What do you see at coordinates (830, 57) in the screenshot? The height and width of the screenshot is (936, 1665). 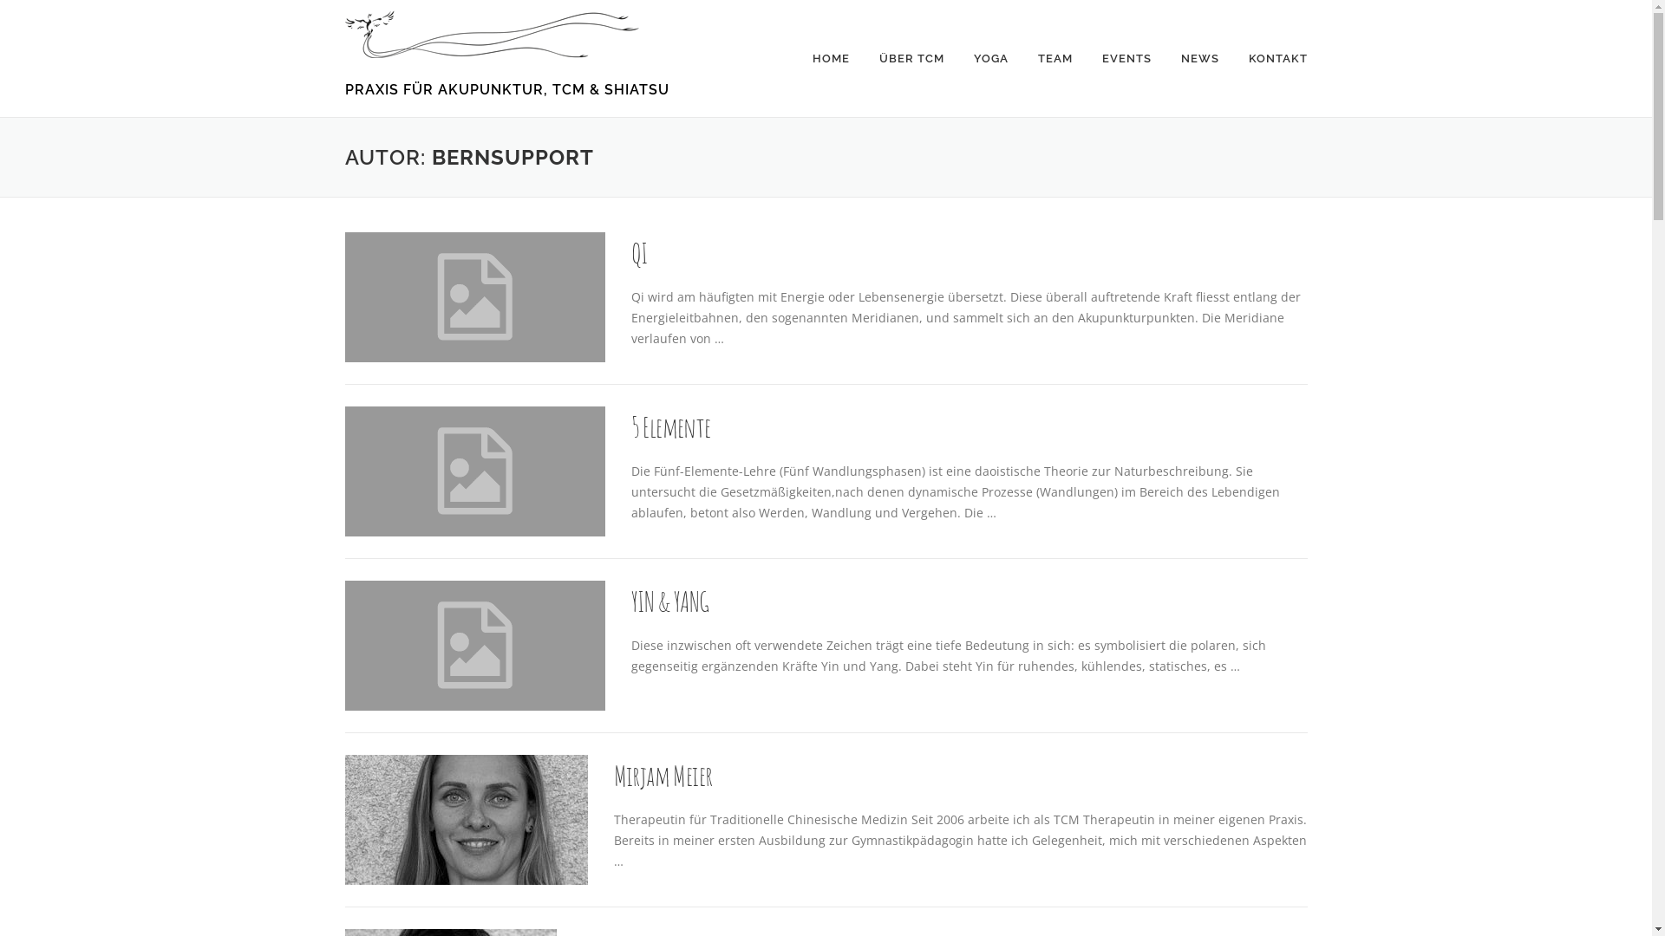 I see `'HOME'` at bounding box center [830, 57].